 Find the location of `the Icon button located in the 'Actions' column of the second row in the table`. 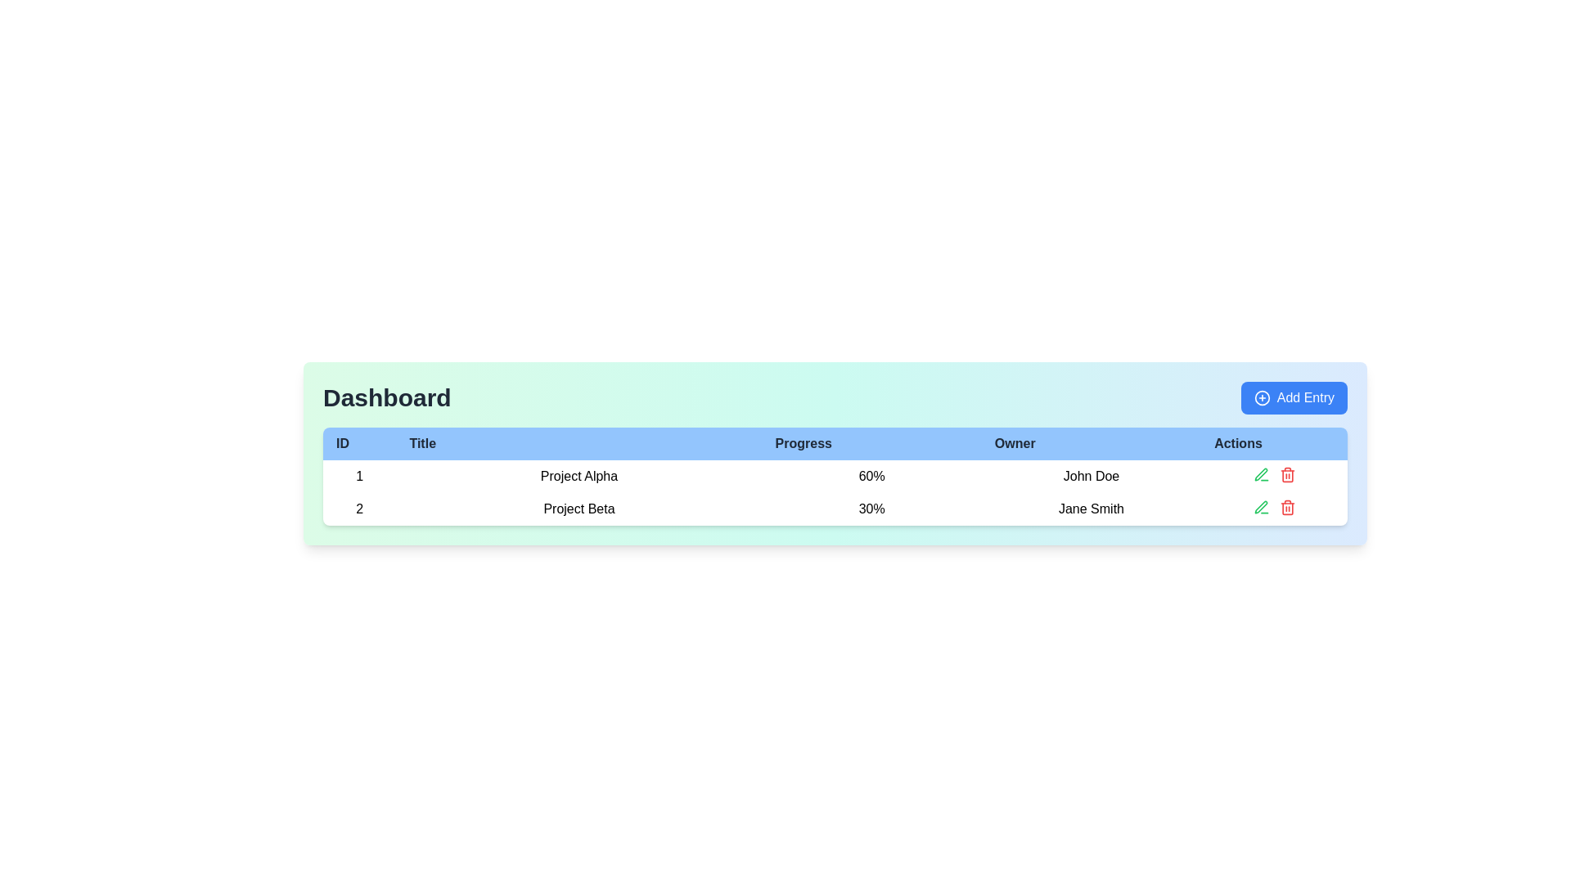

the Icon button located in the 'Actions' column of the second row in the table is located at coordinates (1260, 506).